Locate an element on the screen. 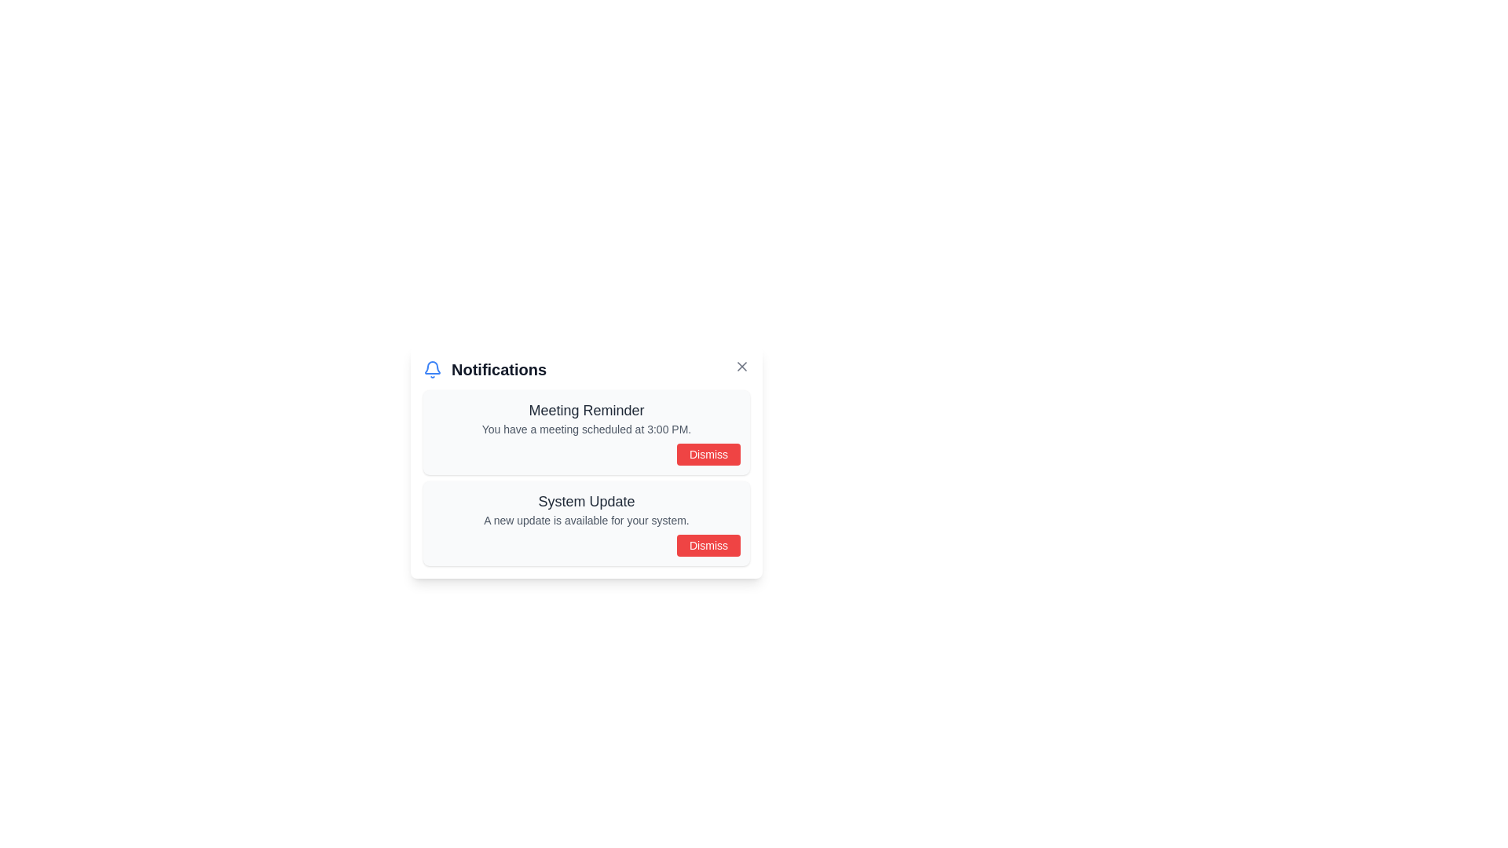 Image resolution: width=1508 pixels, height=848 pixels. the small gray 'X' icon button located in the upper-right corner of the 'Notifications' header section to observe the hover effect is located at coordinates (741, 366).